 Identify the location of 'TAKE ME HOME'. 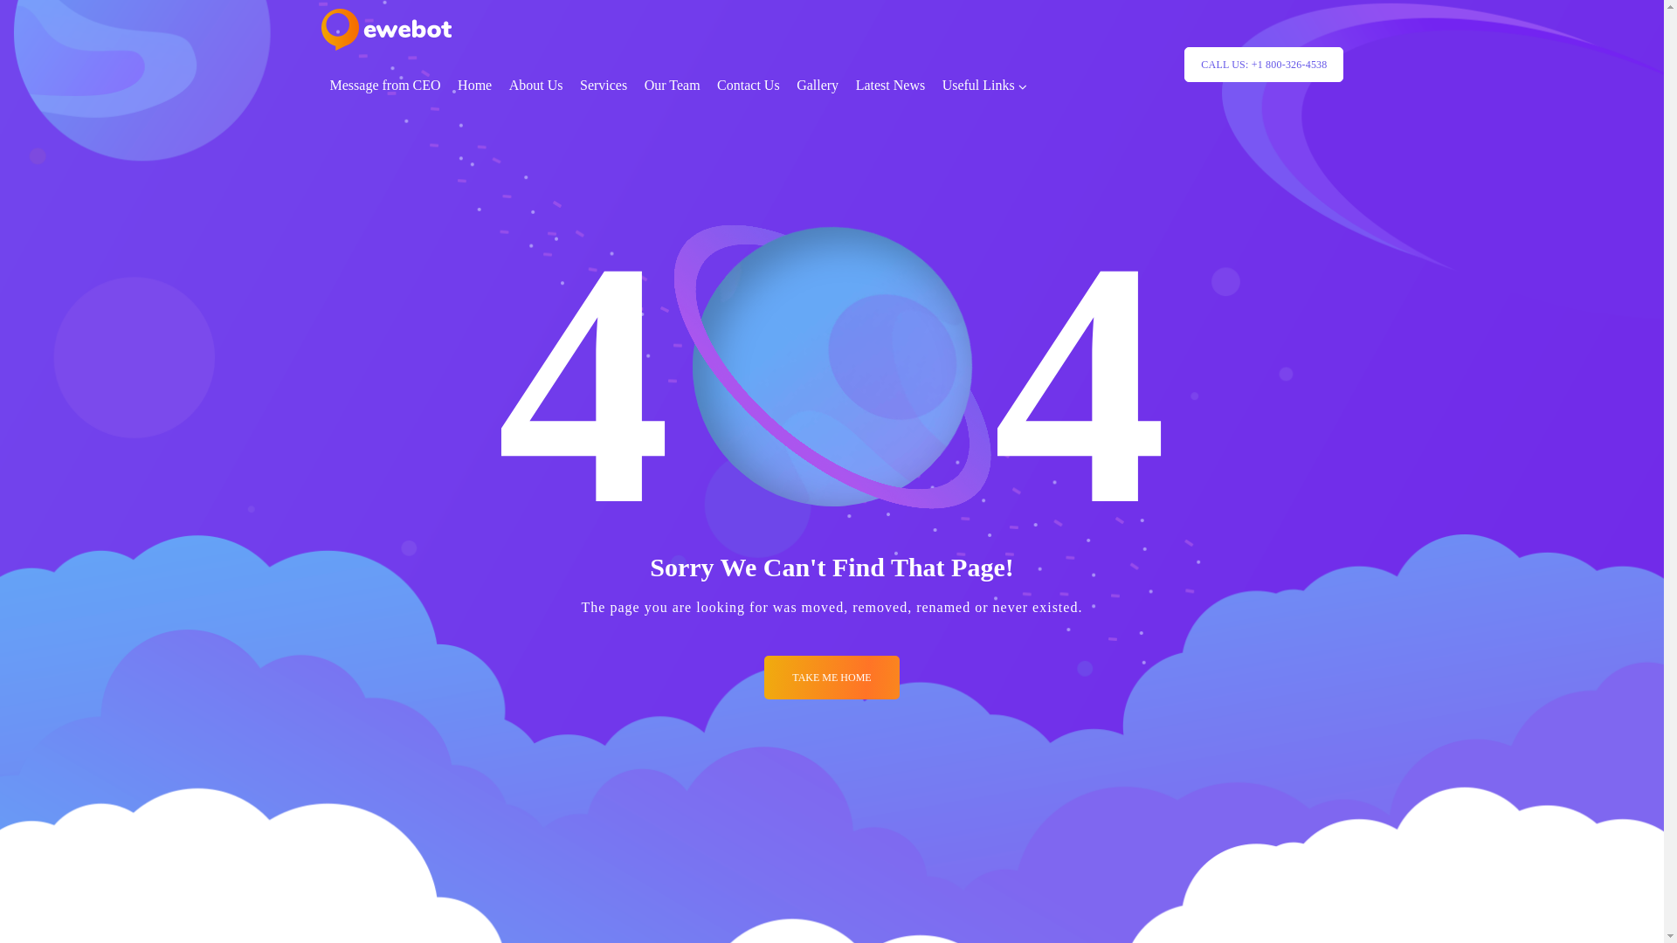
(830, 676).